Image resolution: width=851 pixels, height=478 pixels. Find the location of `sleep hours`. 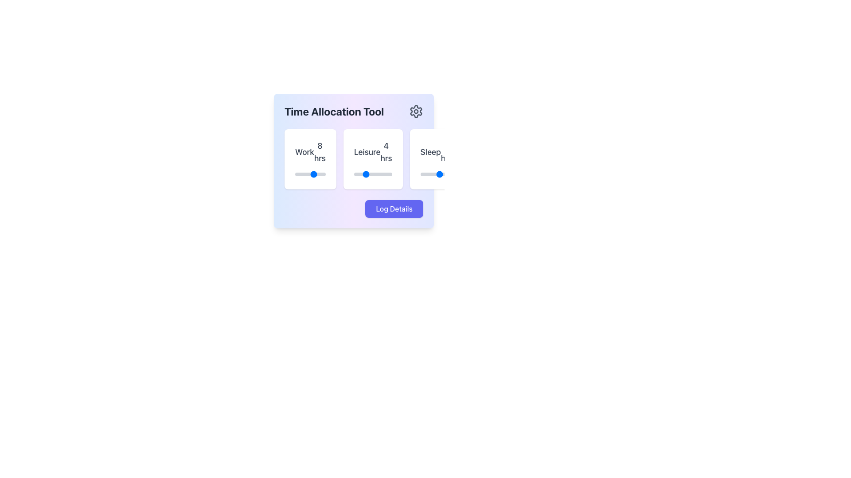

sleep hours is located at coordinates (444, 174).